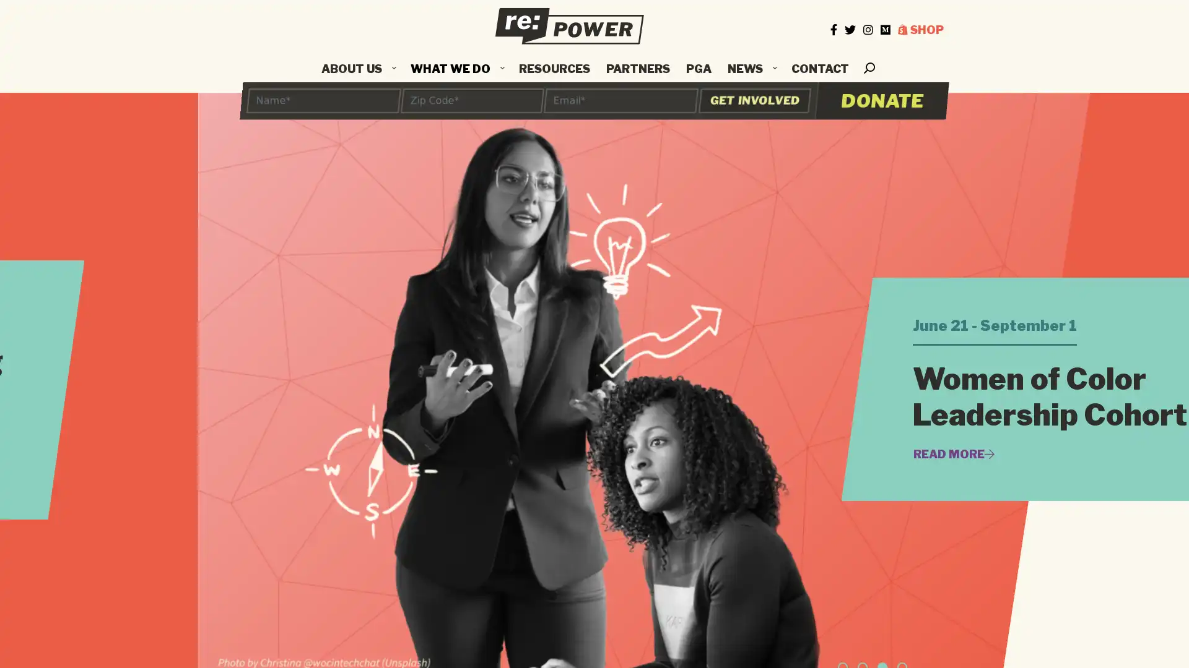  Describe the element at coordinates (754, 100) in the screenshot. I see `Get Involved` at that location.